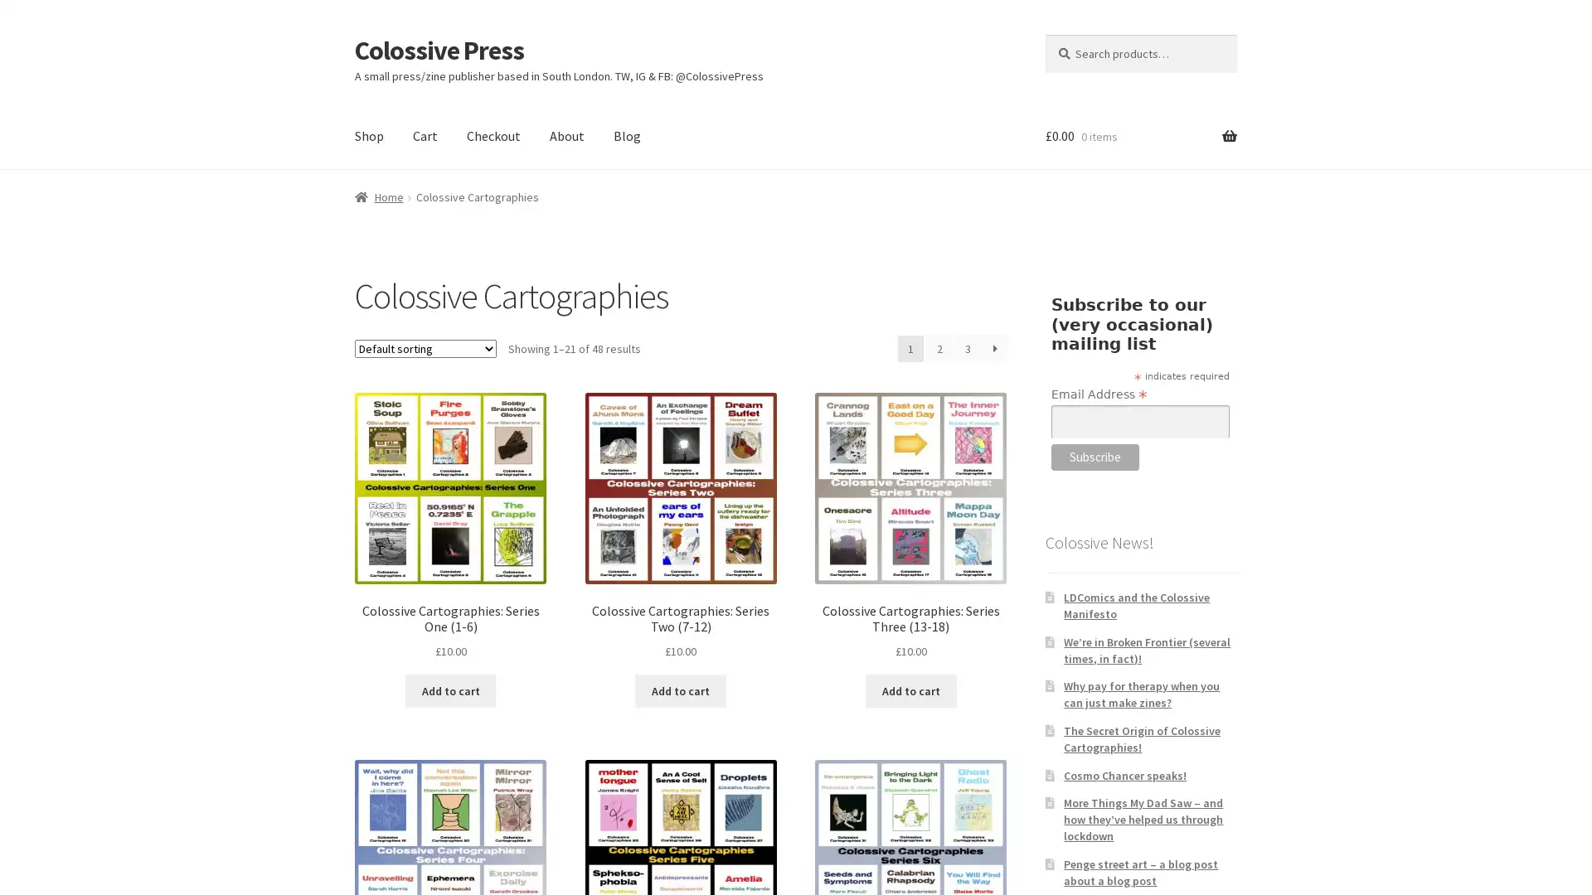 The image size is (1592, 895). I want to click on Search, so click(1043, 33).